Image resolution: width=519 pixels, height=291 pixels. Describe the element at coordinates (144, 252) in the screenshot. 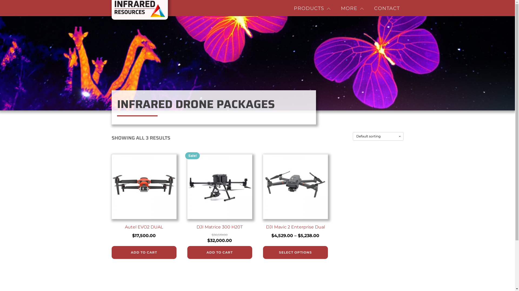

I see `'ADD TO CART'` at that location.